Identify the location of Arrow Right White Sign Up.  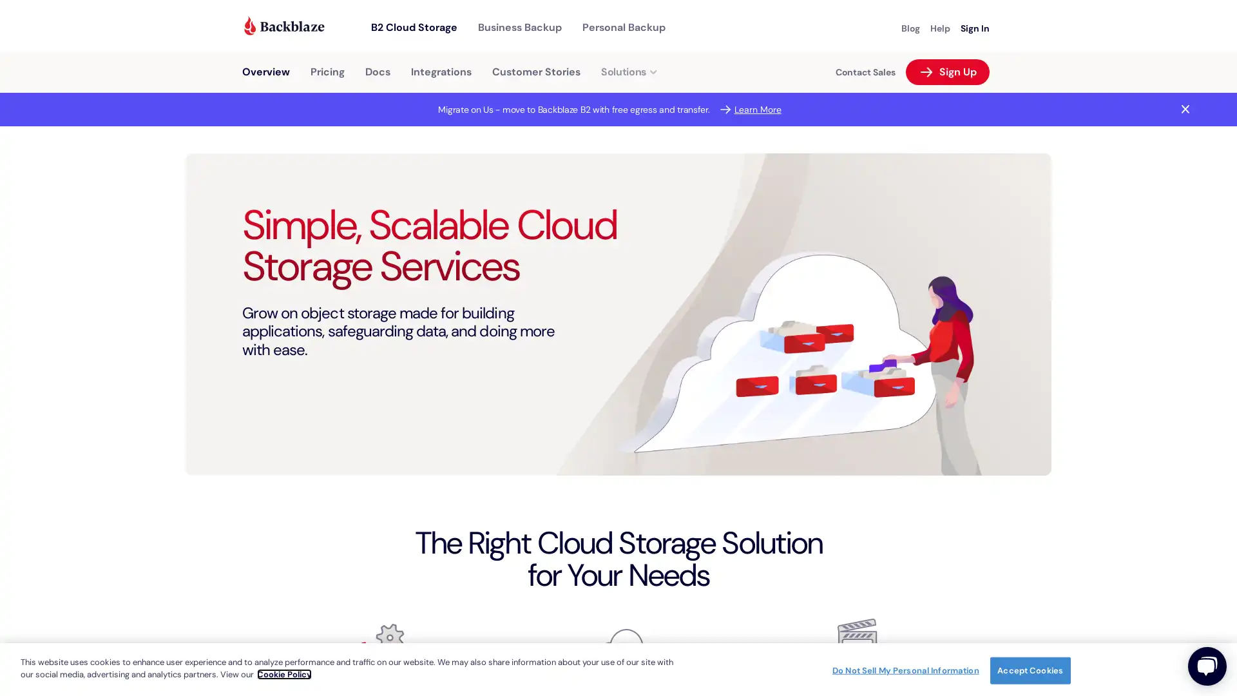
(947, 72).